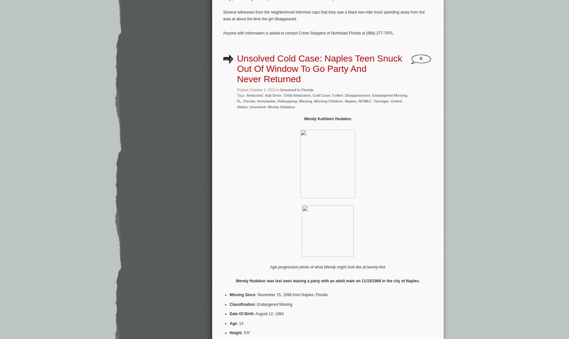 This screenshot has height=339, width=569. What do you see at coordinates (240, 323) in the screenshot?
I see `': 14'` at bounding box center [240, 323].